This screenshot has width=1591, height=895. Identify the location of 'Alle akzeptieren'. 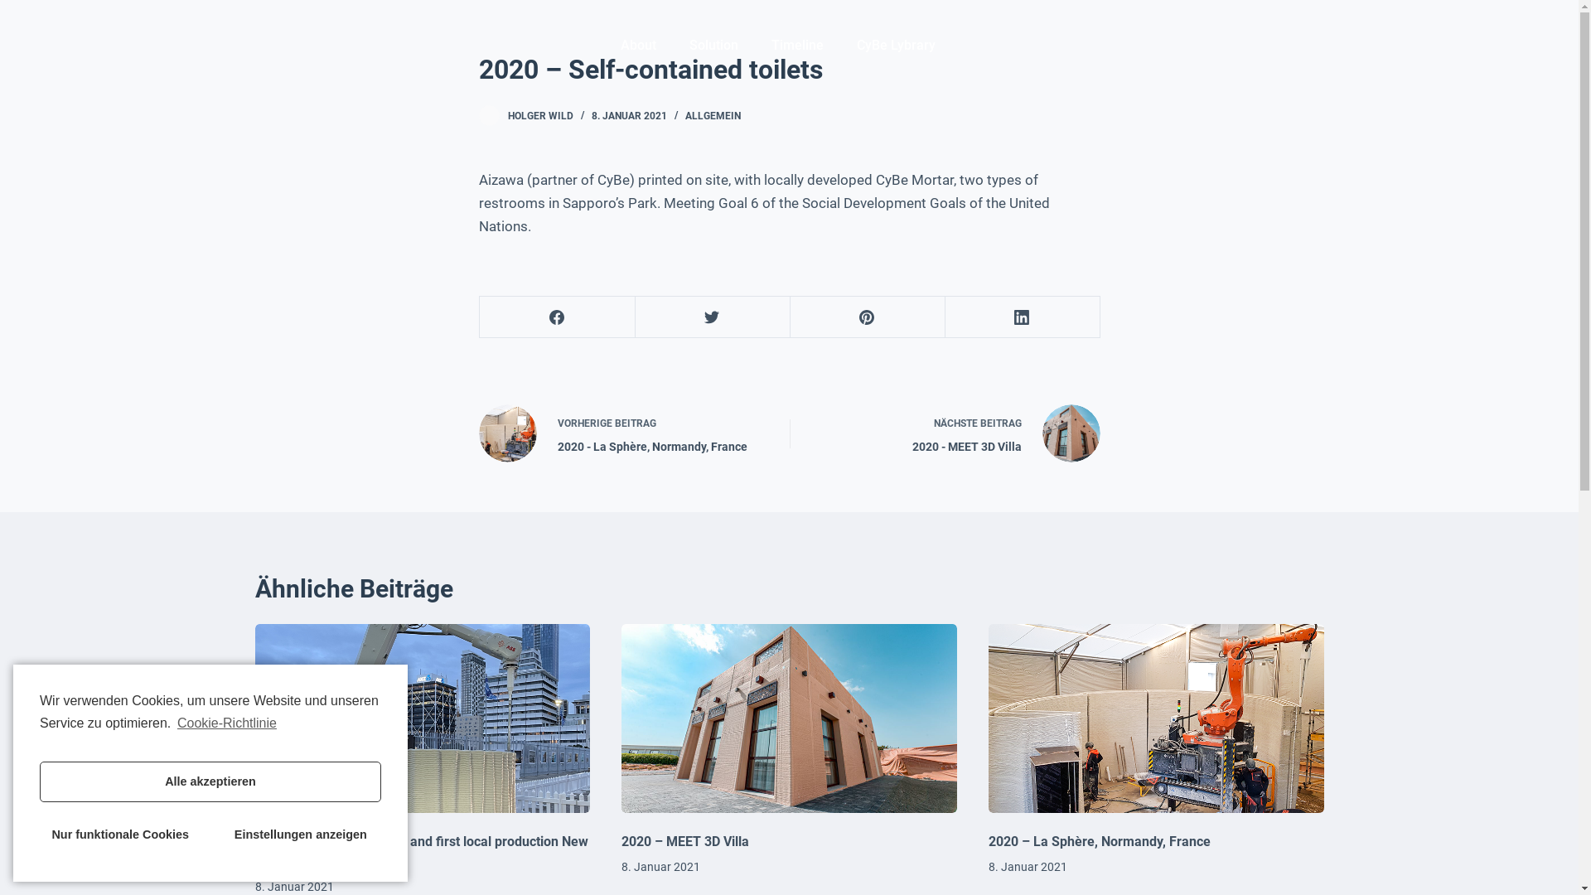
(210, 781).